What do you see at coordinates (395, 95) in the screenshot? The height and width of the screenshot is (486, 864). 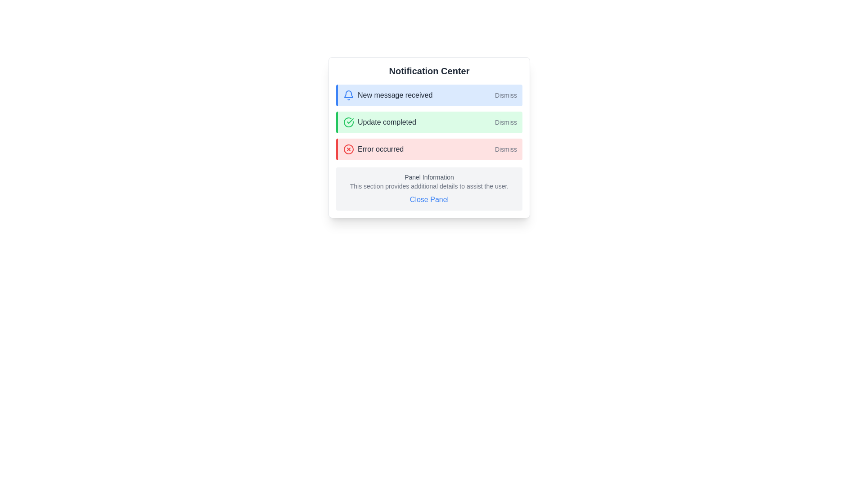 I see `the text label displaying 'New message received' located in the topmost notification box to the right of the bell icon` at bounding box center [395, 95].